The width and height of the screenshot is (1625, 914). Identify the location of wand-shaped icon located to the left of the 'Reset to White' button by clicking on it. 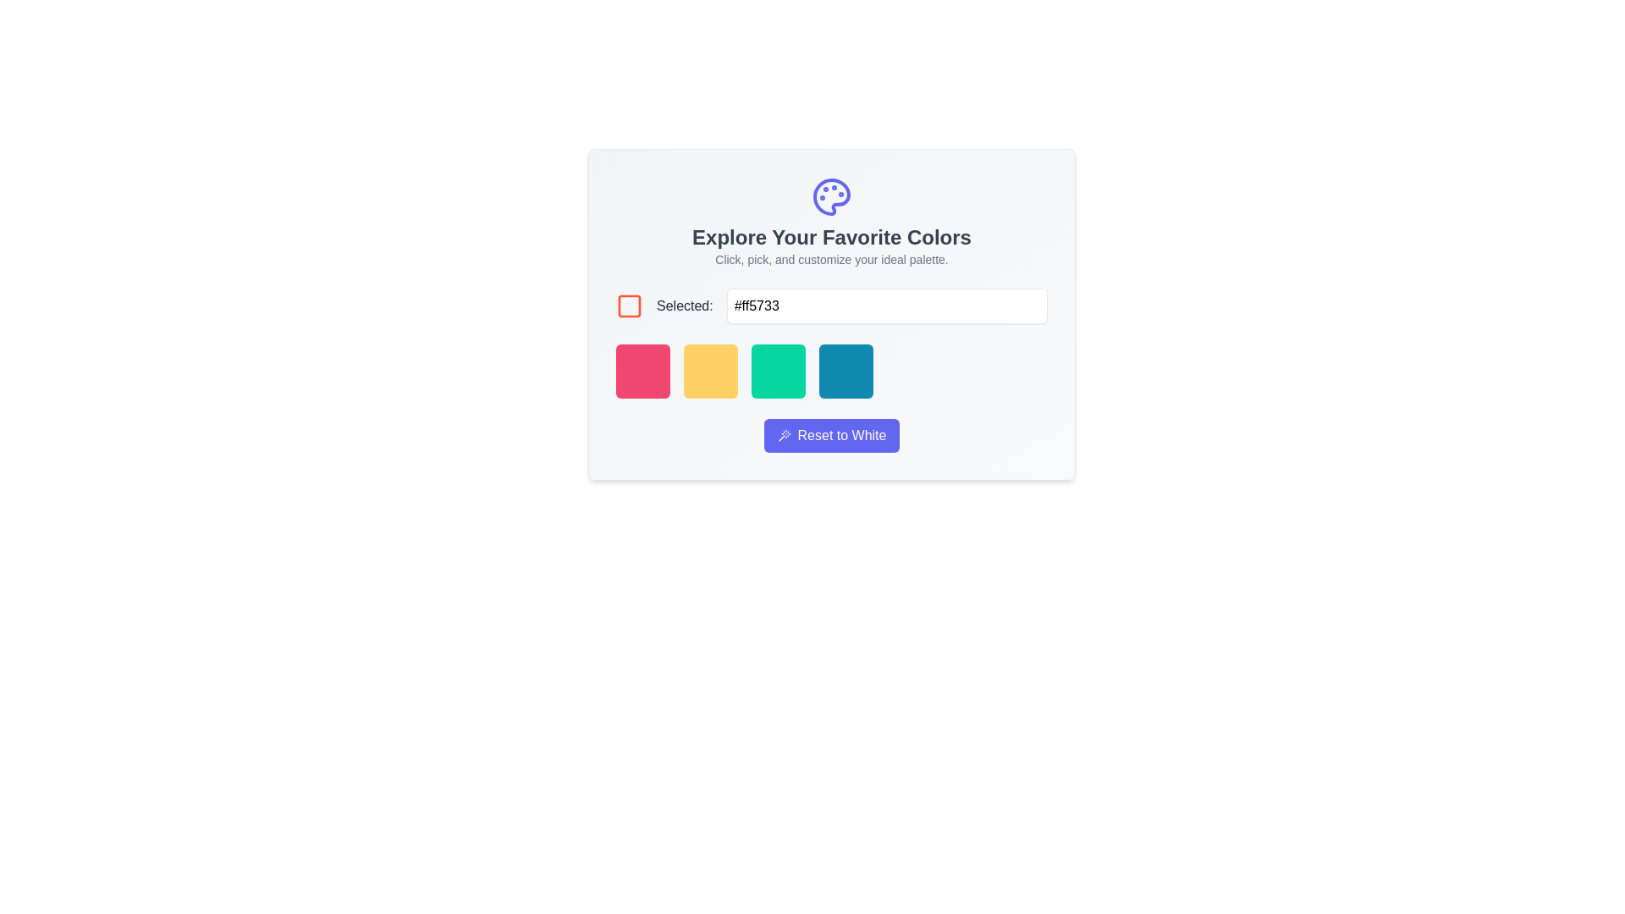
(783, 435).